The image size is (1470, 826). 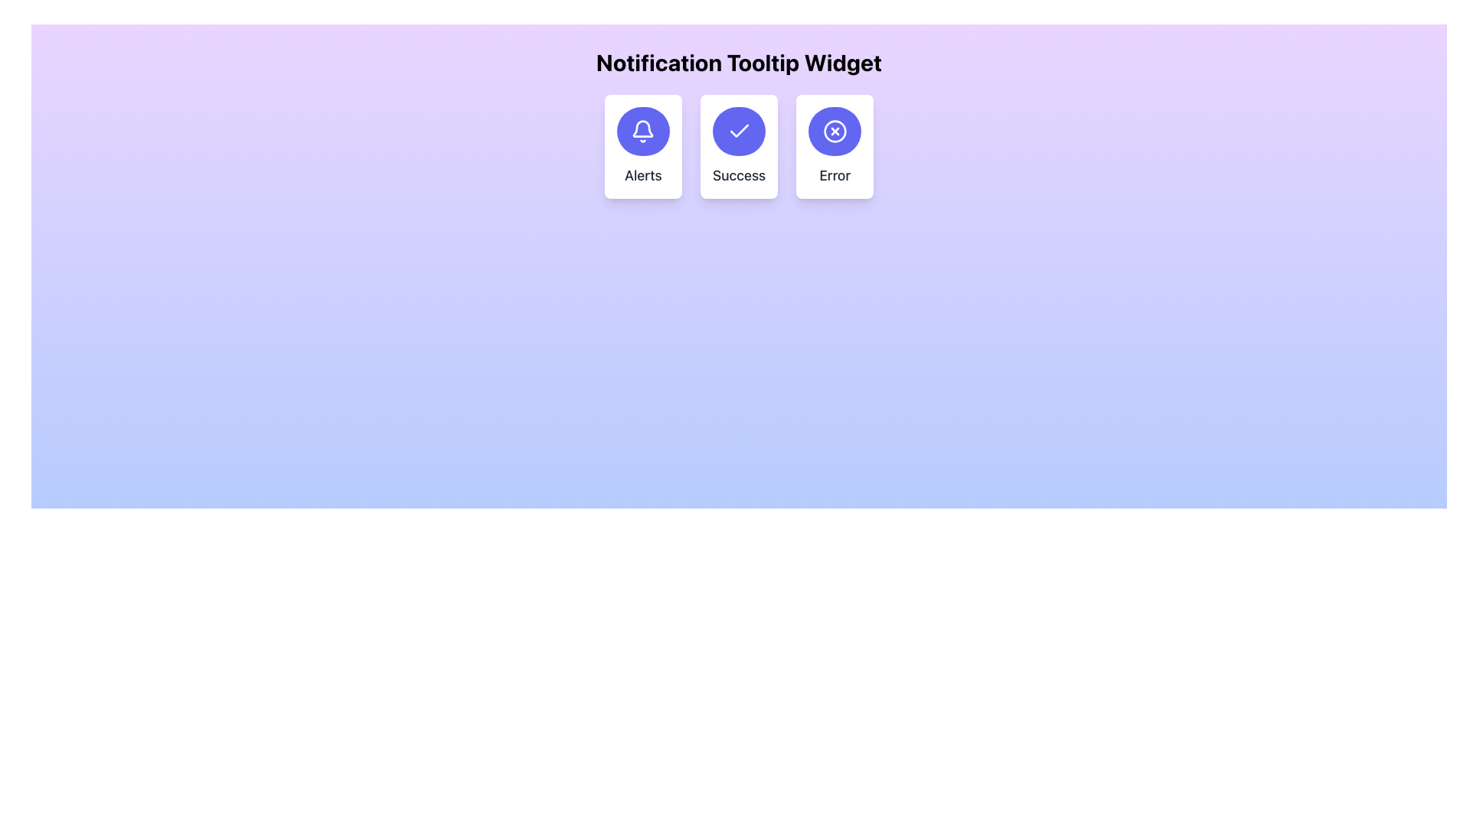 I want to click on the text label displaying the word 'Success' in a medium-sized, bold font styled in grayish-black color, which is part of a card-like component, so click(x=739, y=175).